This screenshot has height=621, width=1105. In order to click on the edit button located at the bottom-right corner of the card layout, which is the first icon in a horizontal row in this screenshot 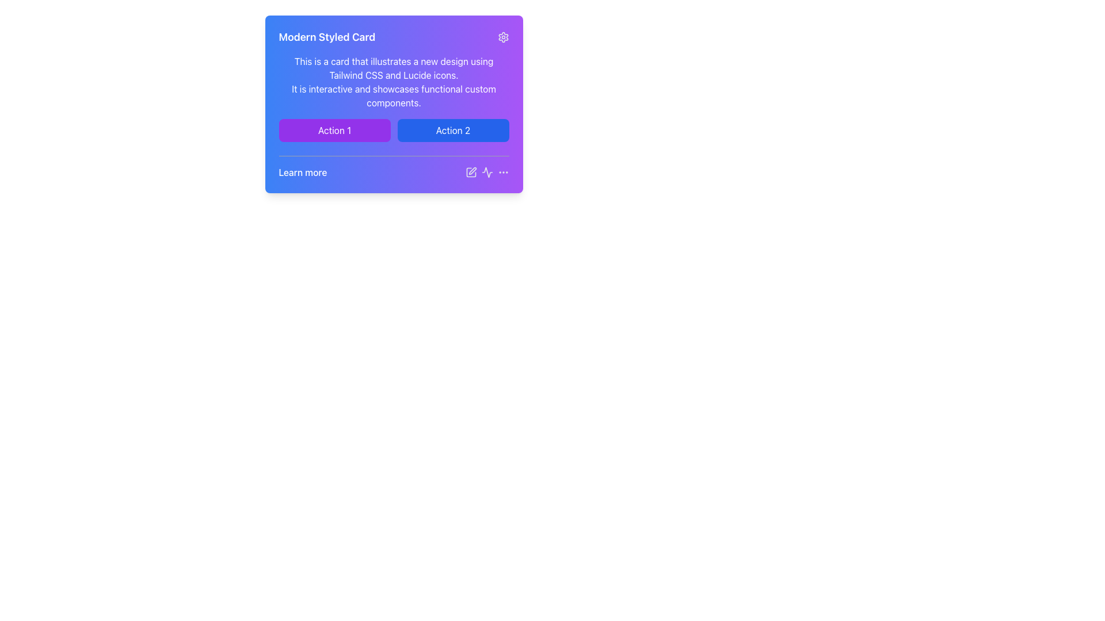, I will do `click(471, 172)`.